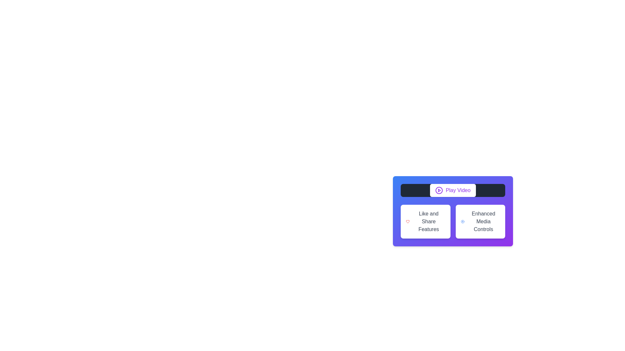 The image size is (625, 351). I want to click on the play icon located to the left of the text label inside the 'Play Video' button, so click(439, 190).